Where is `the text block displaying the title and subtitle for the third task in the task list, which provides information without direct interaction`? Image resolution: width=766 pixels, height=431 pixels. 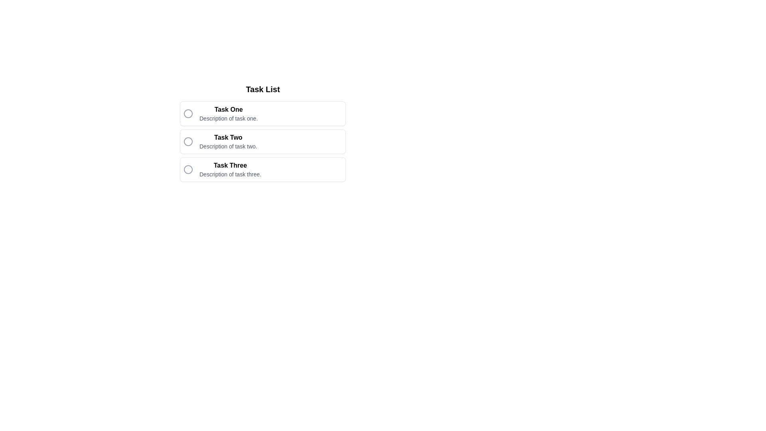 the text block displaying the title and subtitle for the third task in the task list, which provides information without direct interaction is located at coordinates (230, 169).